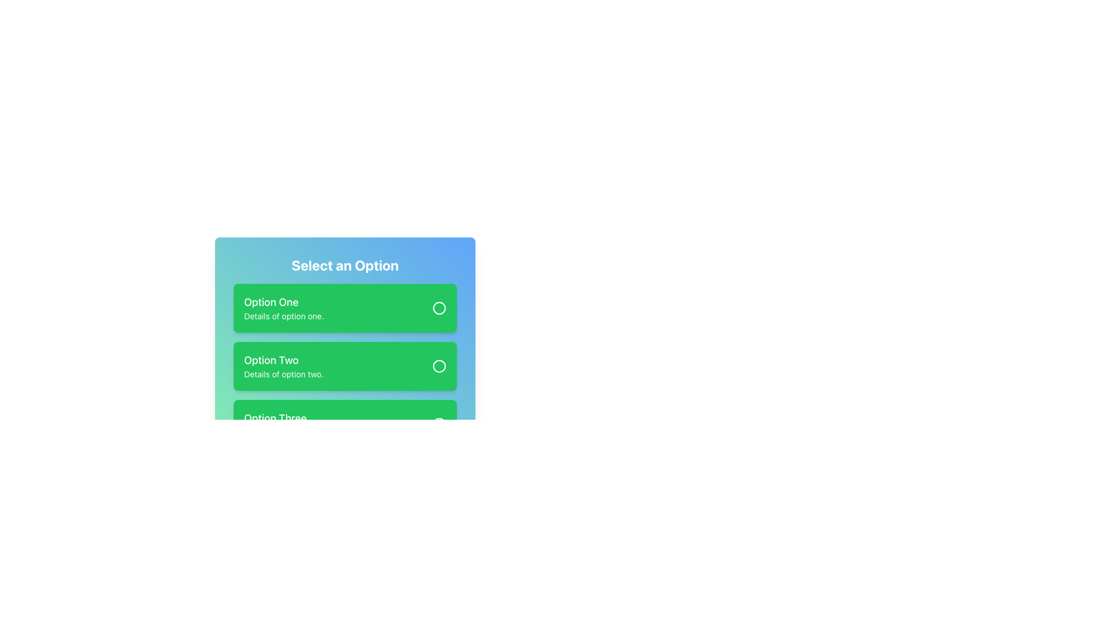  Describe the element at coordinates (284, 316) in the screenshot. I see `the text label containing the sentence 'Details of option one.' which is positioned below the 'Option One' label on a green background` at that location.